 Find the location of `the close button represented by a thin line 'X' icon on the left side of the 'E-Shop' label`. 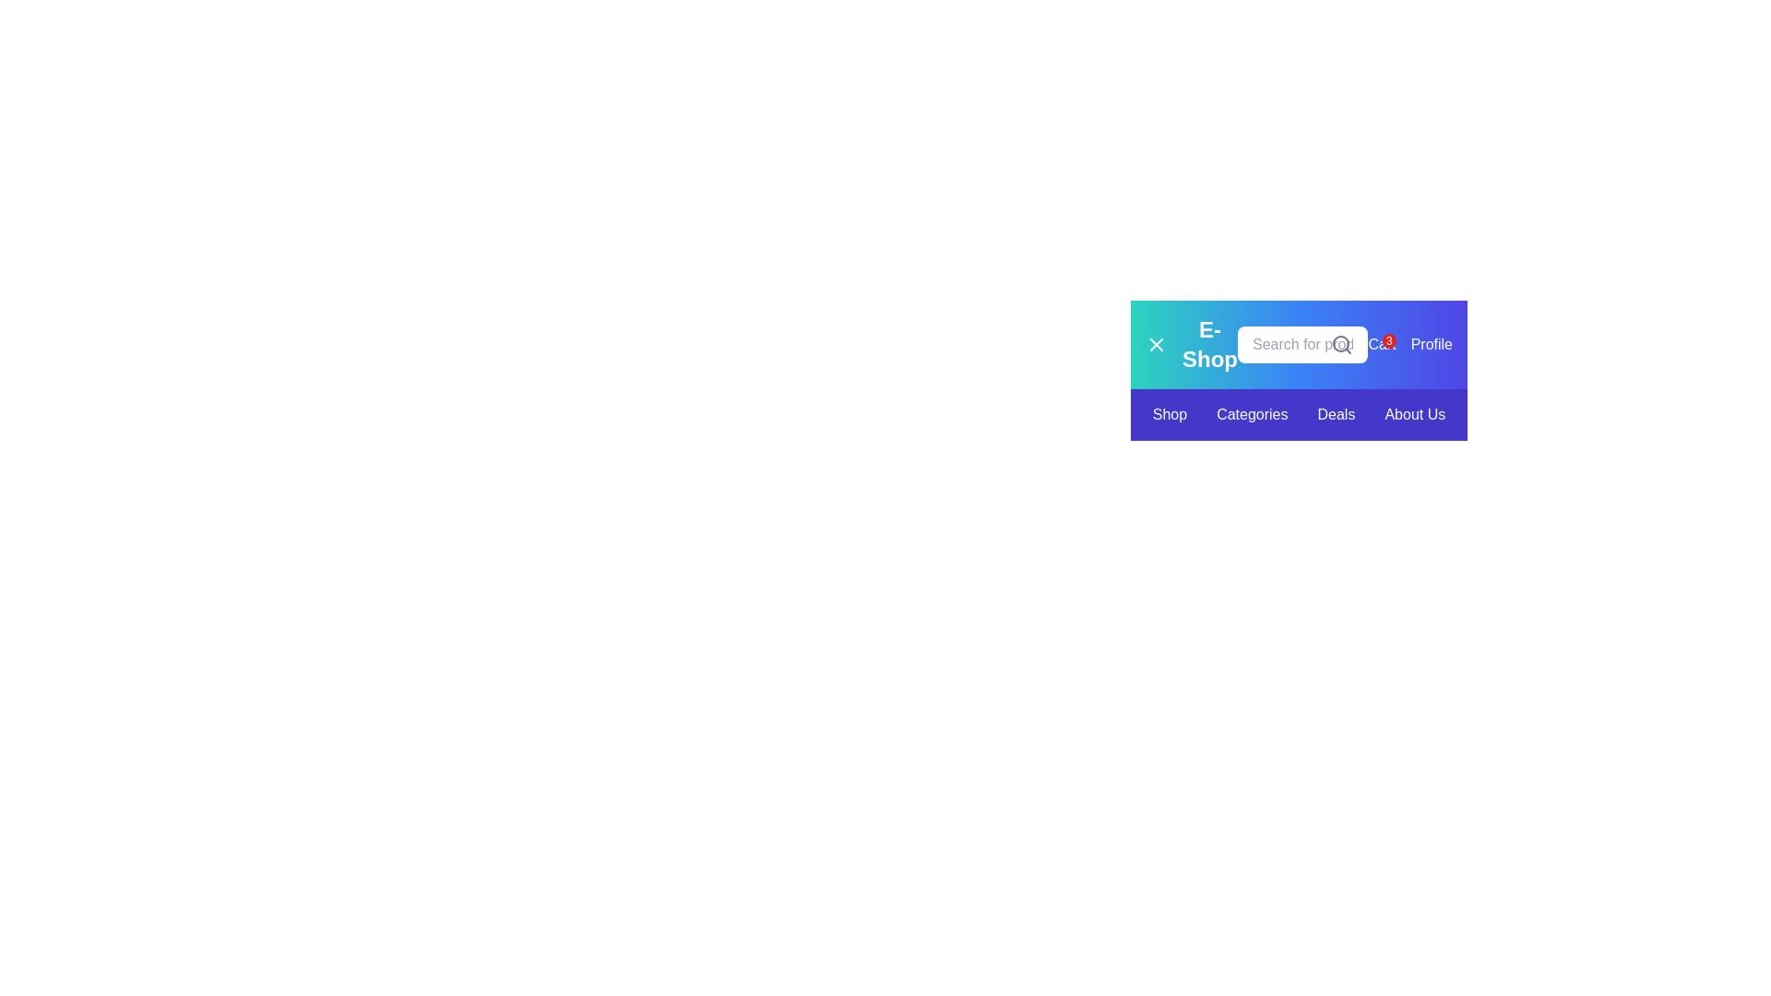

the close button represented by a thin line 'X' icon on the left side of the 'E-Shop' label is located at coordinates (1155, 345).